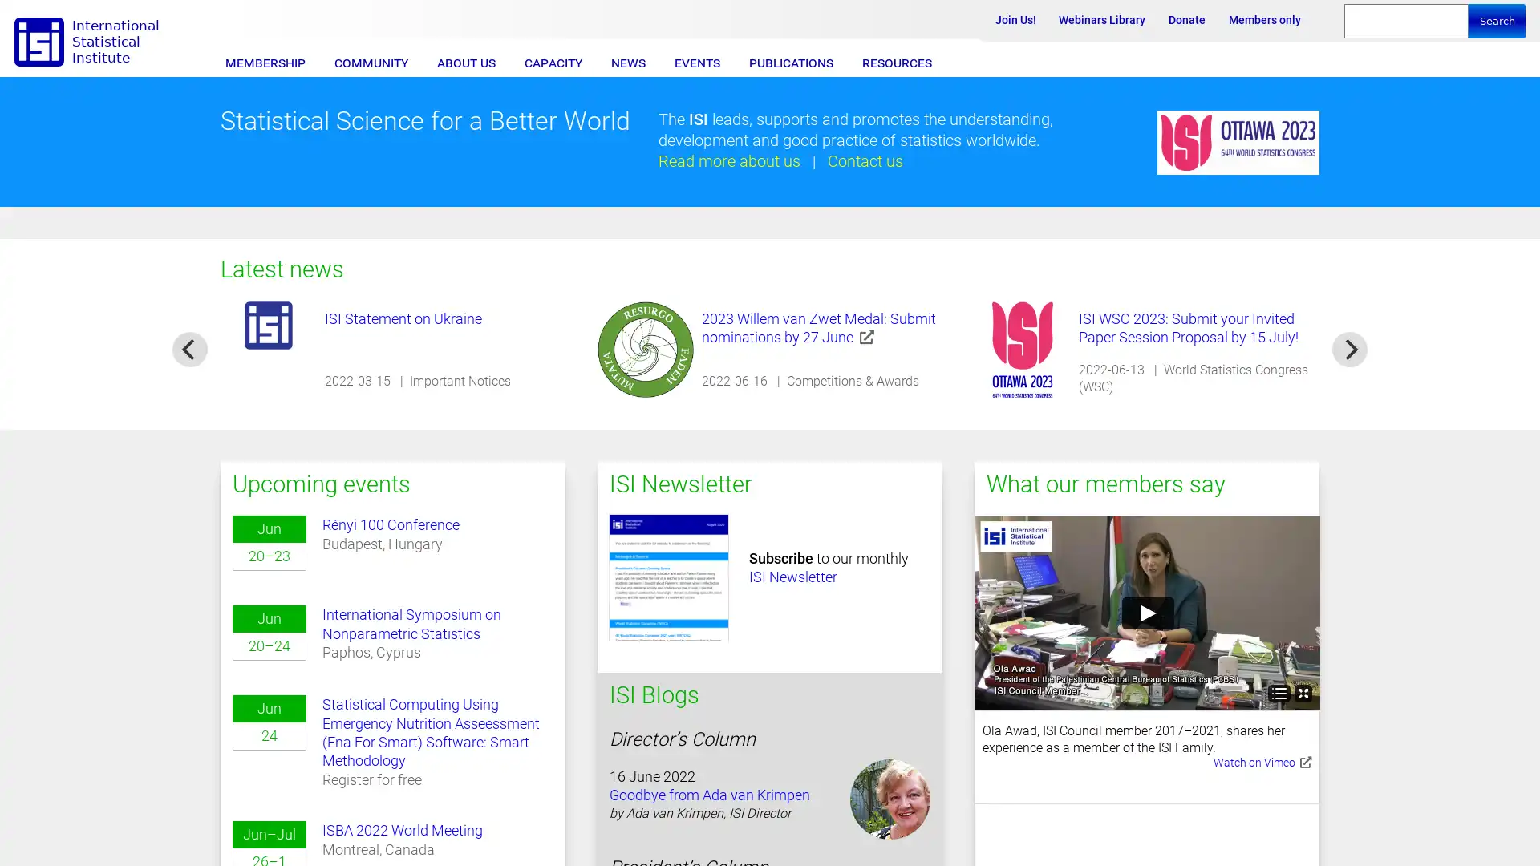 The image size is (1540, 866). I want to click on previous, so click(189, 348).